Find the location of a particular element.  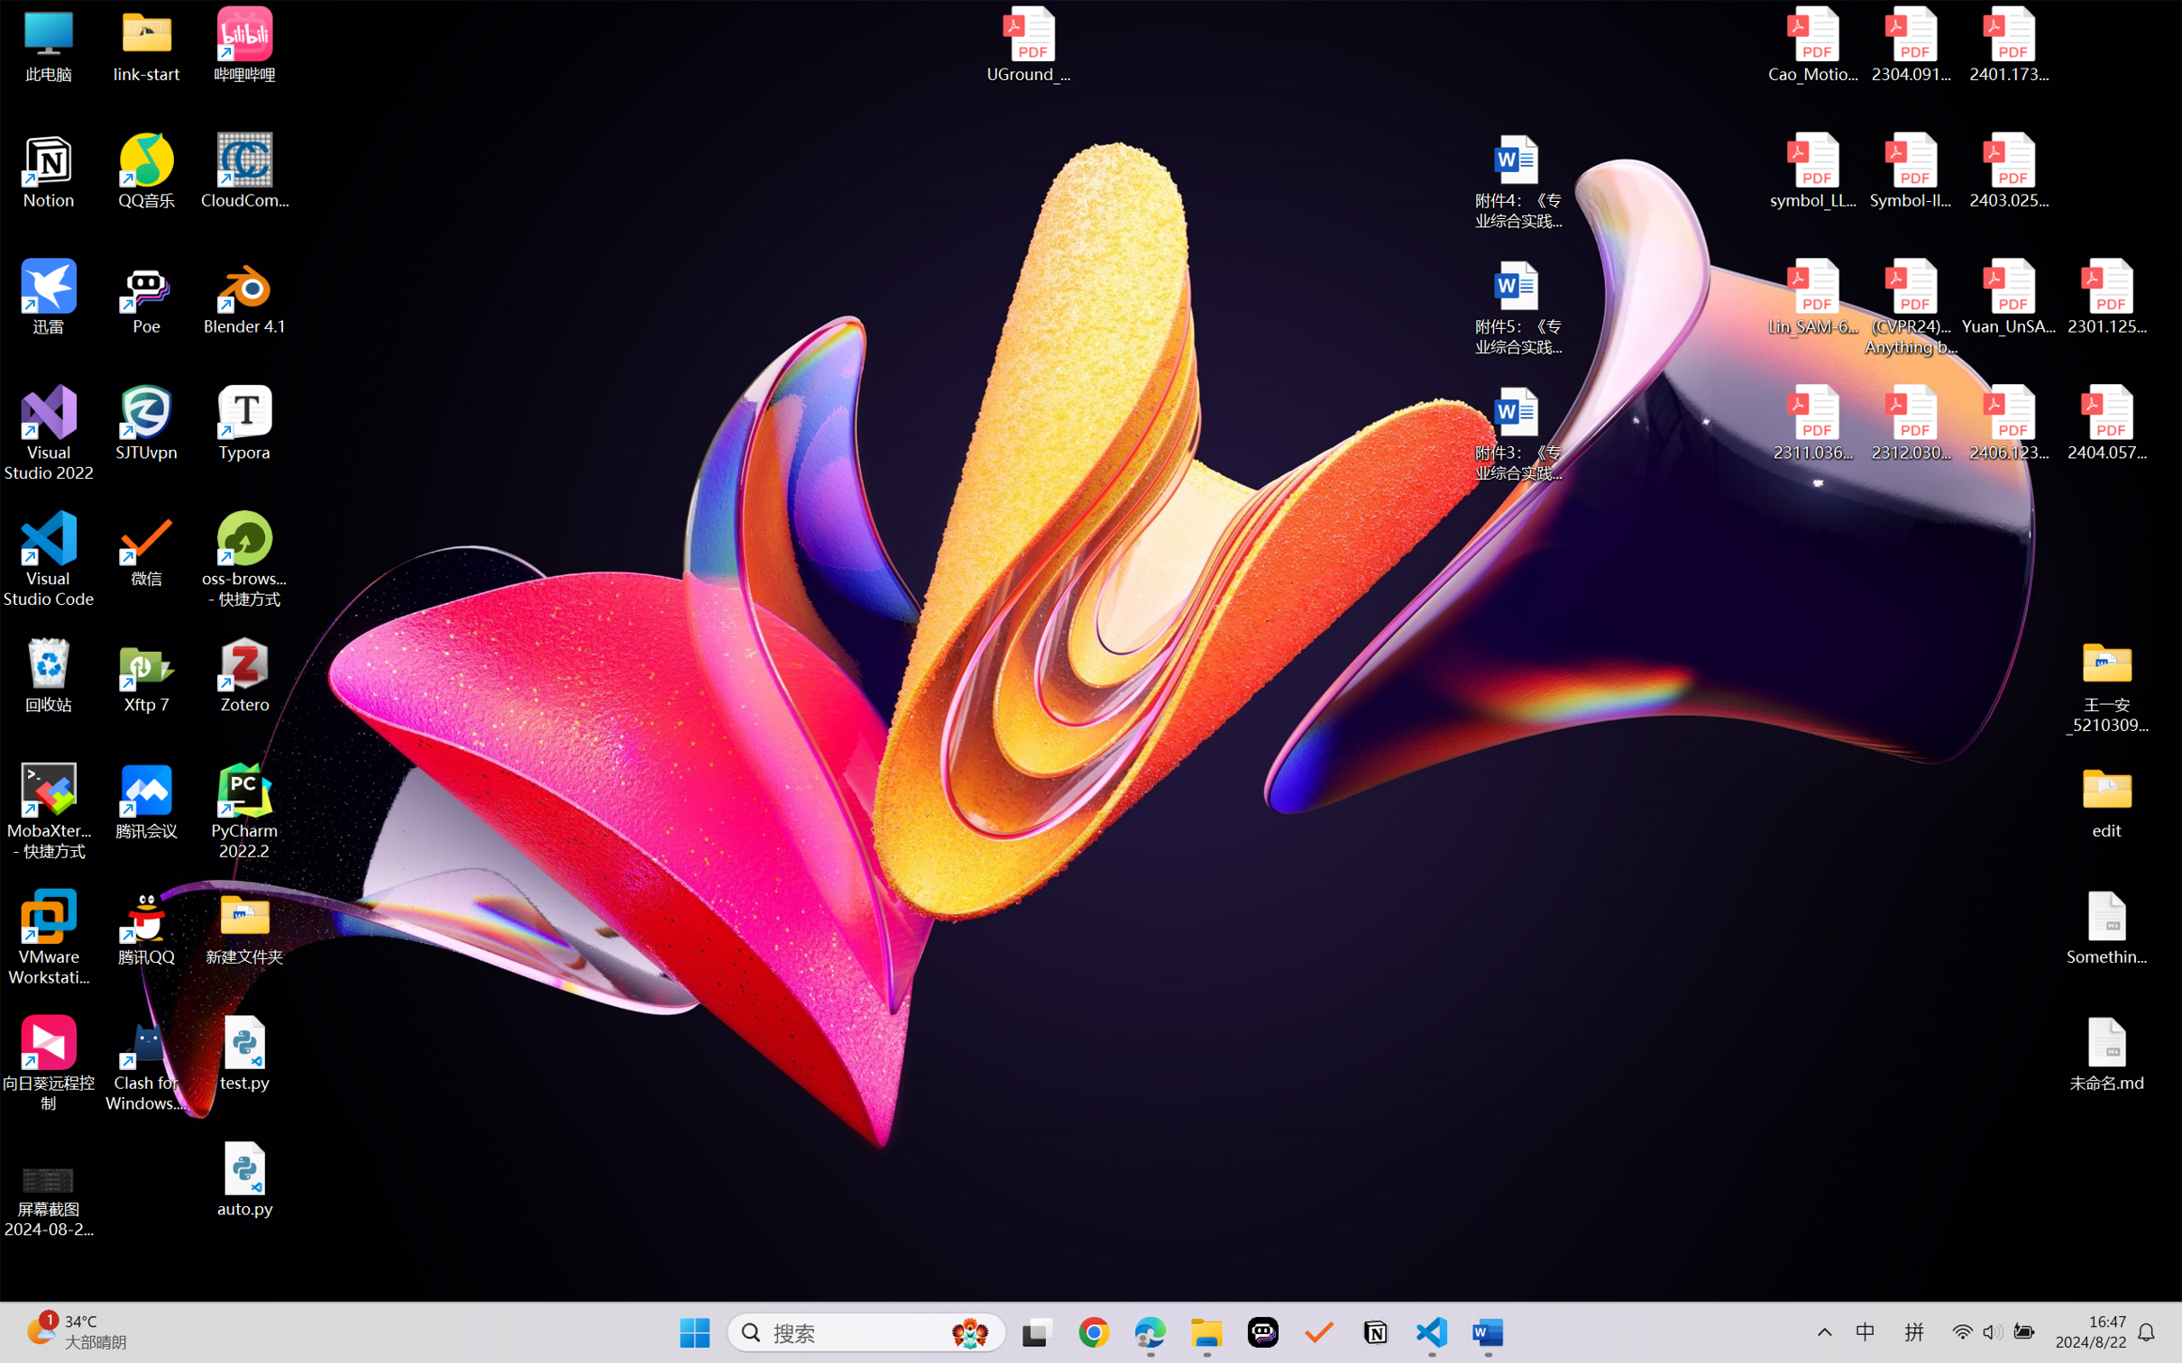

'2311.03658v2.pdf' is located at coordinates (1813, 423).